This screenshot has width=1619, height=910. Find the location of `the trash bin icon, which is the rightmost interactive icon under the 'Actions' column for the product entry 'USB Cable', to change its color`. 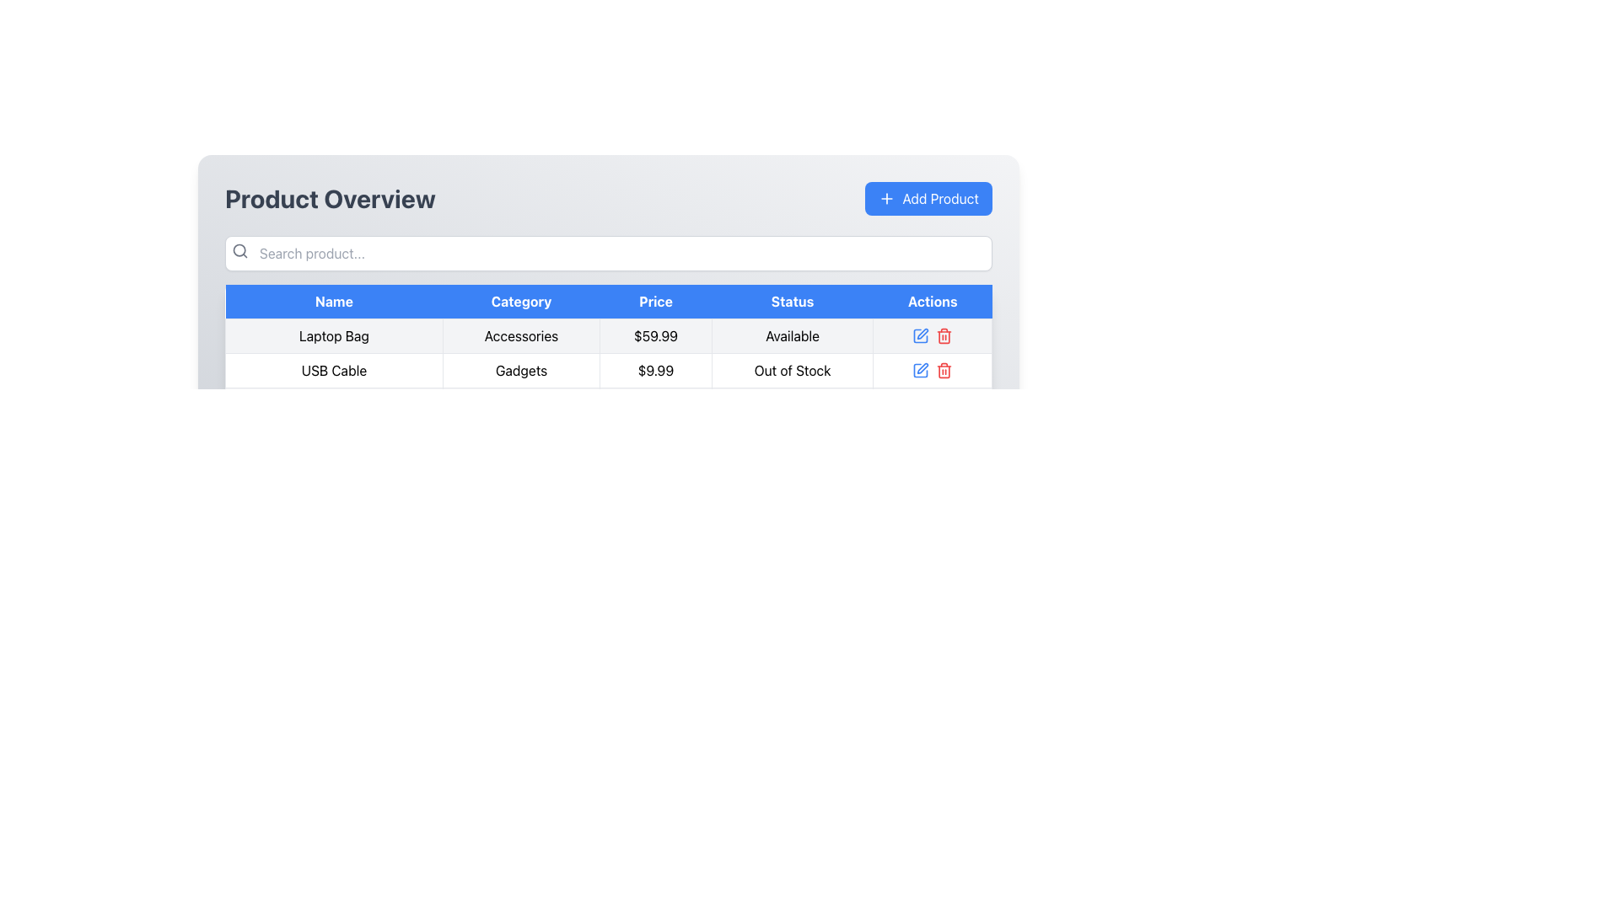

the trash bin icon, which is the rightmost interactive icon under the 'Actions' column for the product entry 'USB Cable', to change its color is located at coordinates (944, 335).